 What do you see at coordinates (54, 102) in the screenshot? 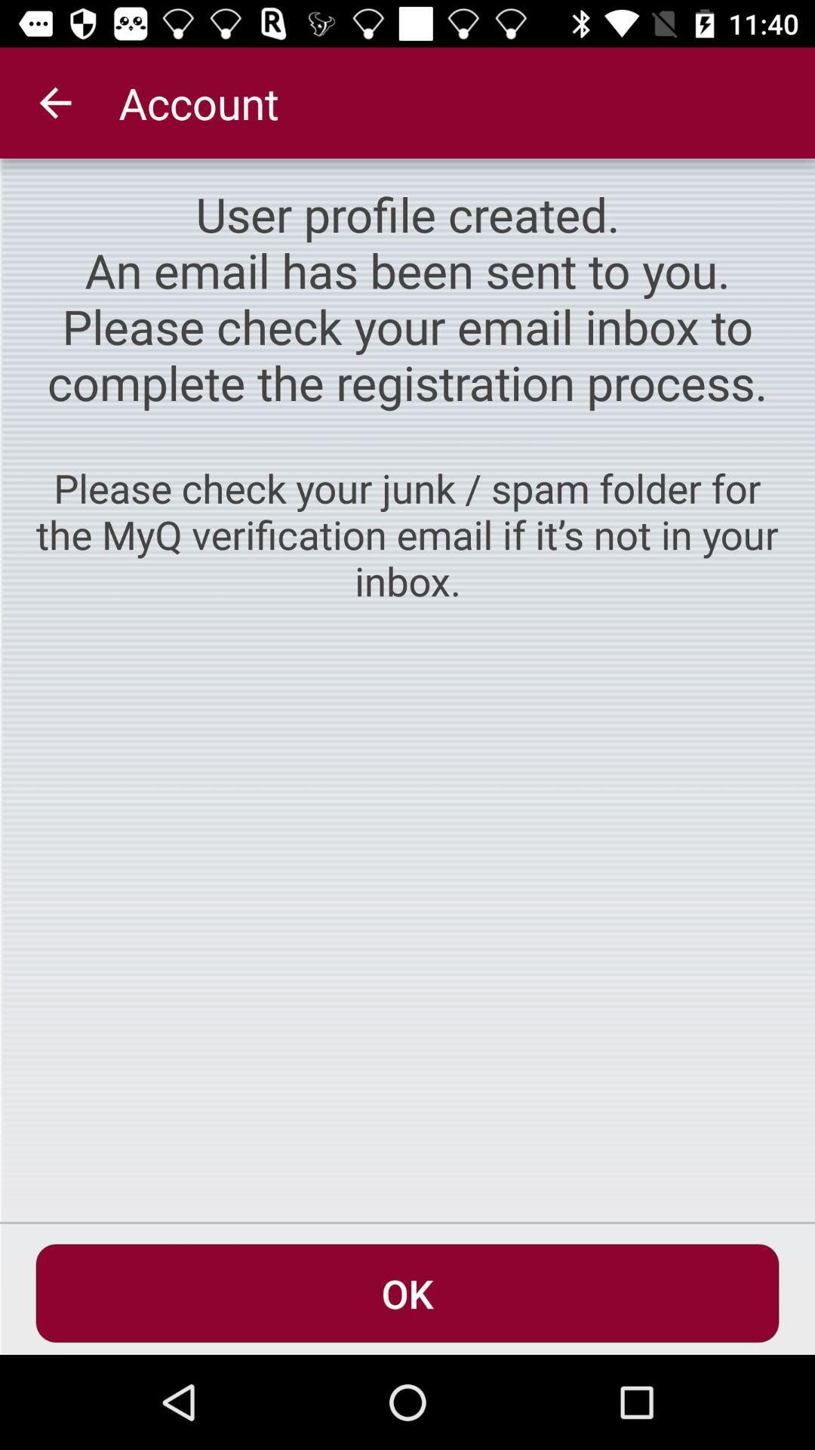
I see `icon to the left of account icon` at bounding box center [54, 102].